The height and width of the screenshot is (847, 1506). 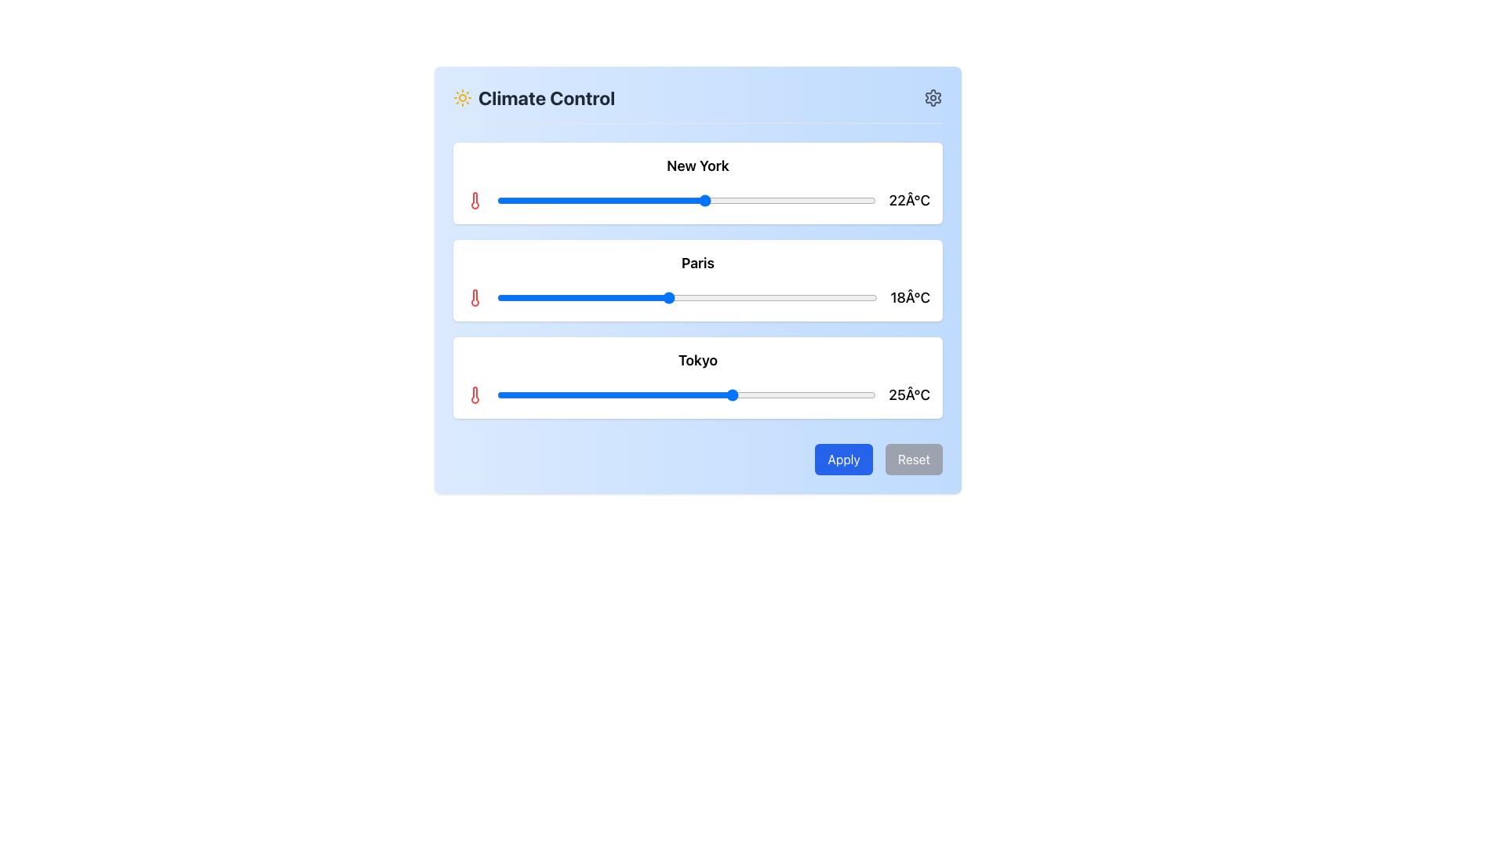 I want to click on the temperature value, so click(x=609, y=199).